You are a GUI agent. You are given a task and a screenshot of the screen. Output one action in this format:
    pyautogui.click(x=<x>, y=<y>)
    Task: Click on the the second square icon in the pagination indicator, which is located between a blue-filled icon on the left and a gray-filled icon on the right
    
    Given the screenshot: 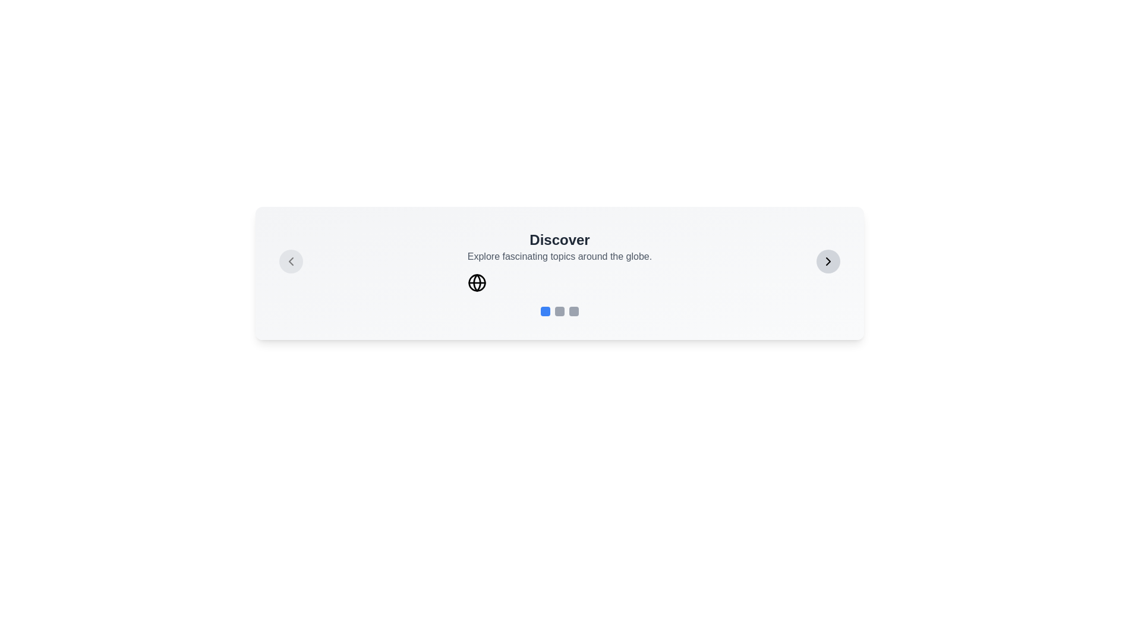 What is the action you would take?
    pyautogui.click(x=559, y=311)
    